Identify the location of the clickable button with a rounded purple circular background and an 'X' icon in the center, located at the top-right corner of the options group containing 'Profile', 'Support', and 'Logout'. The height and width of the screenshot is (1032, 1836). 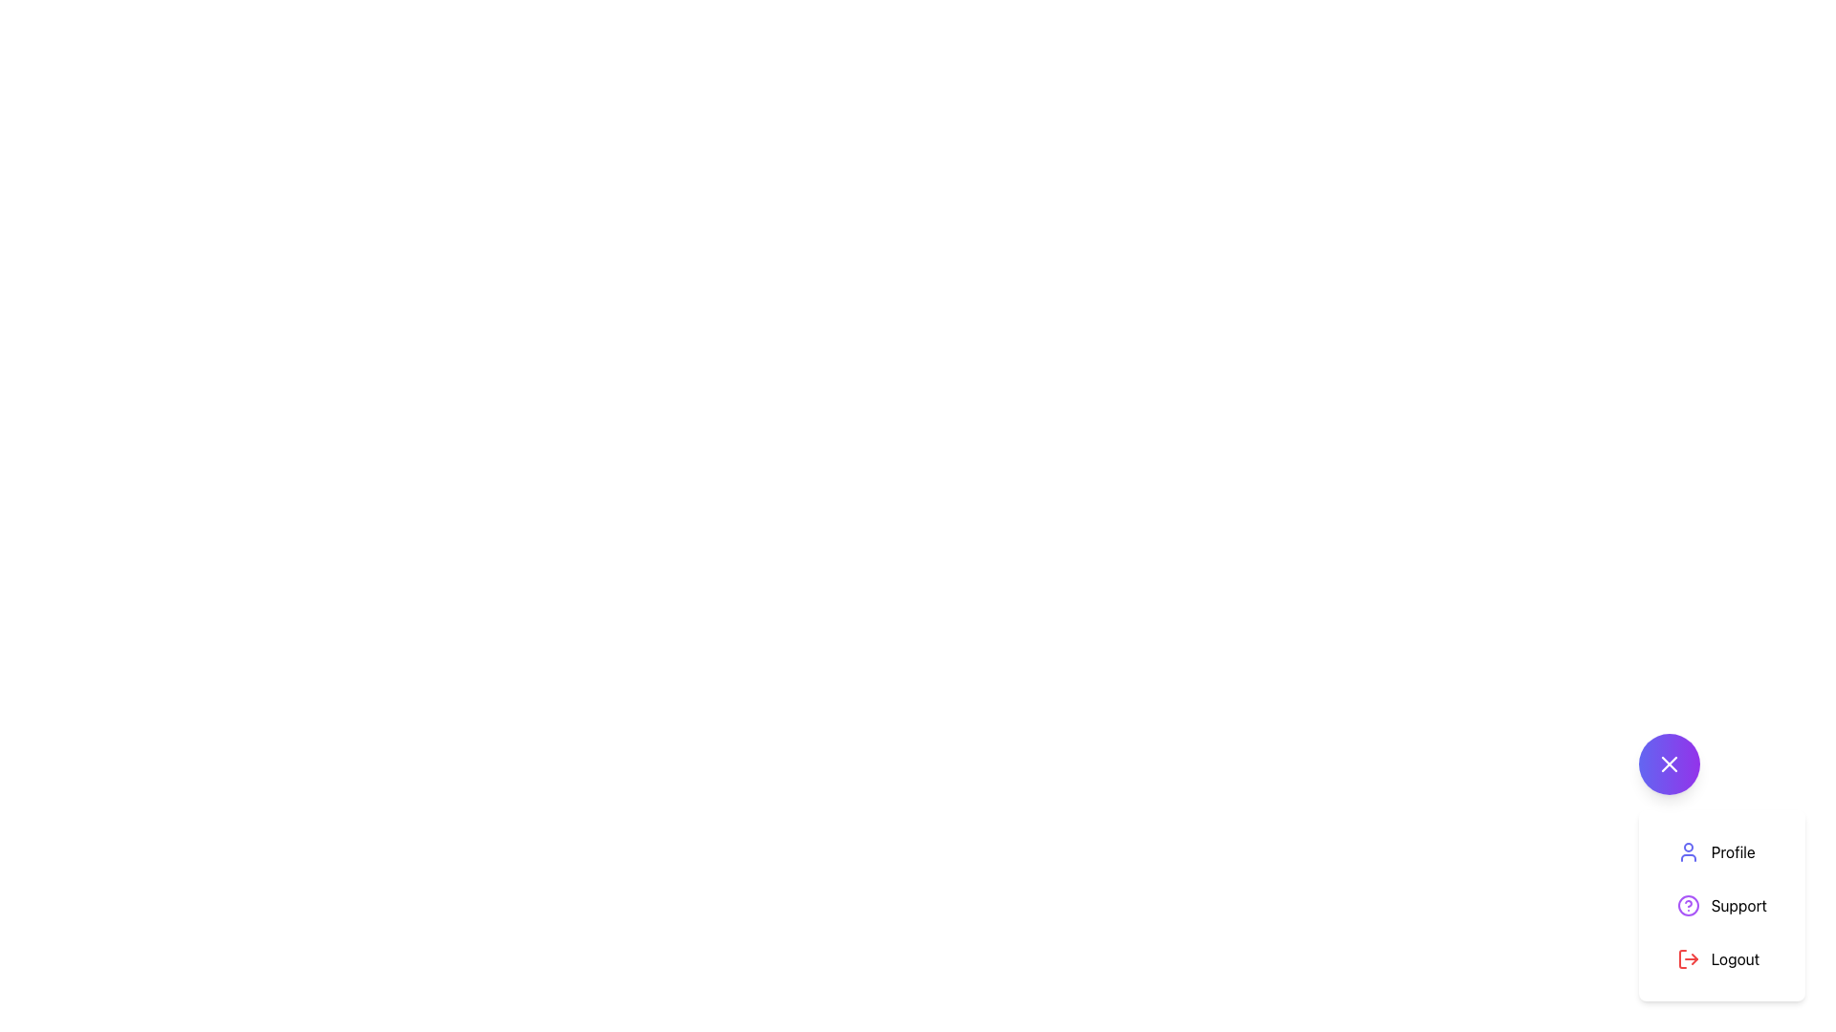
(1721, 867).